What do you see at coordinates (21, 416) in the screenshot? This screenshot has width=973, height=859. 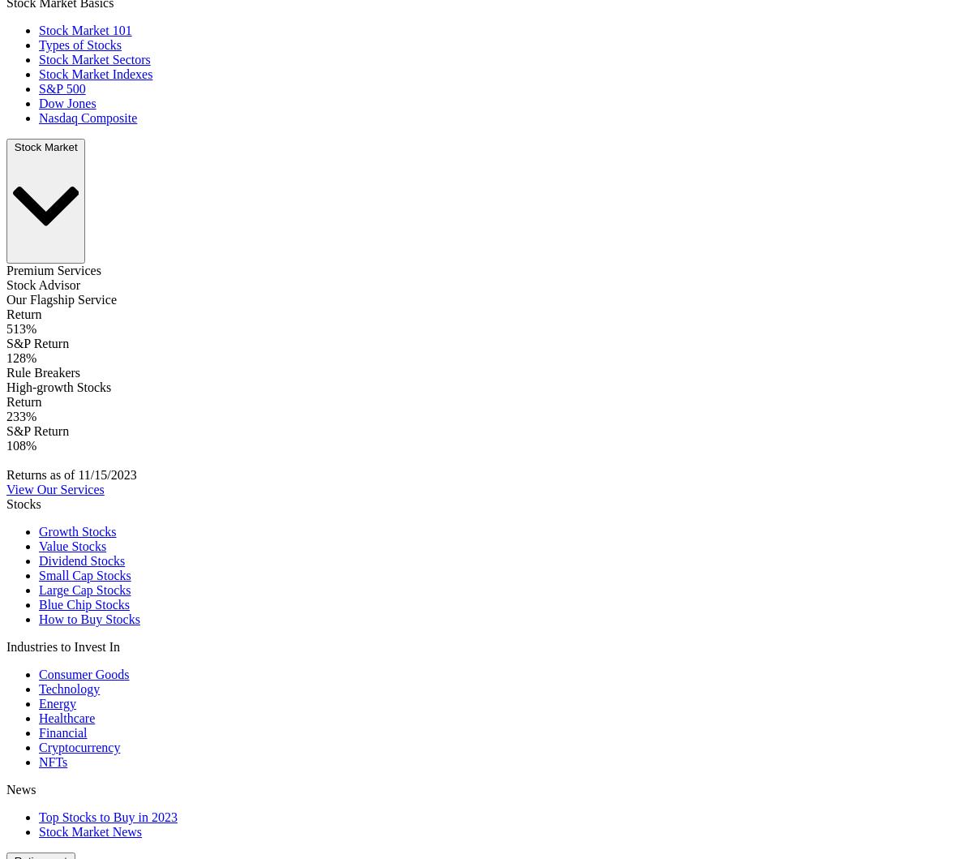 I see `'233%'` at bounding box center [21, 416].